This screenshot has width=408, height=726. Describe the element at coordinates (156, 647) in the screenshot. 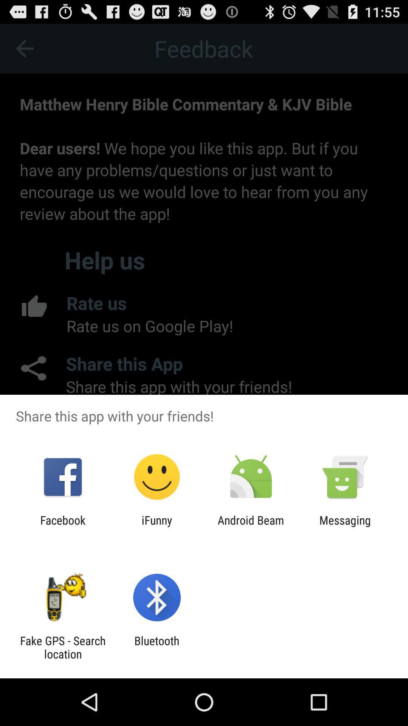

I see `bluetooth` at that location.